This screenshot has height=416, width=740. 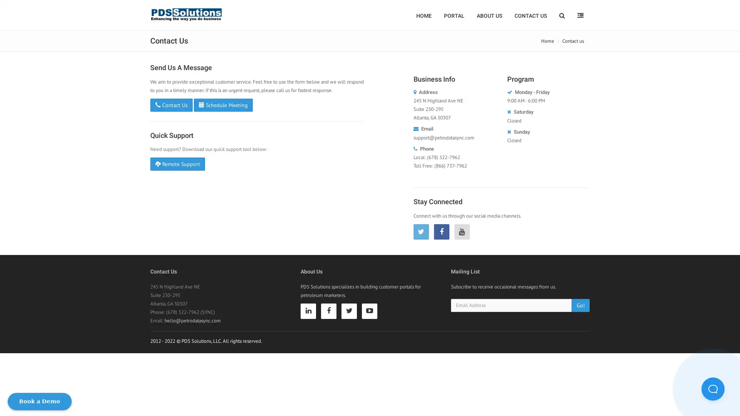 I want to click on Go!, so click(x=580, y=304).